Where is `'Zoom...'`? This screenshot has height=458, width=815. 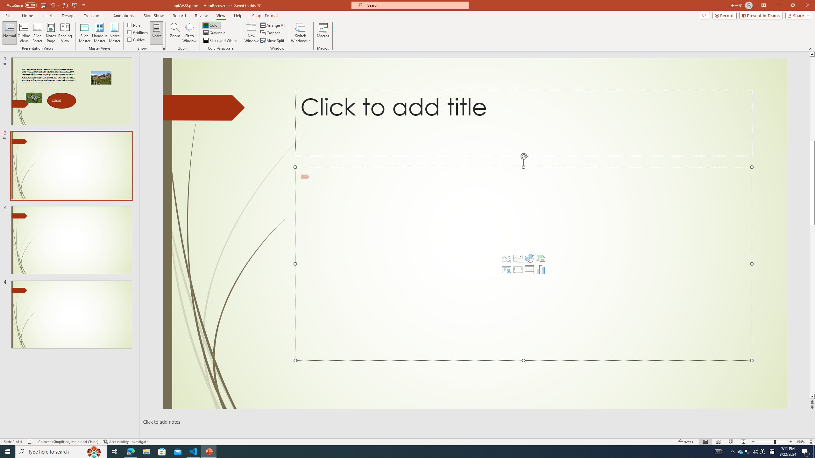 'Zoom...' is located at coordinates (175, 33).